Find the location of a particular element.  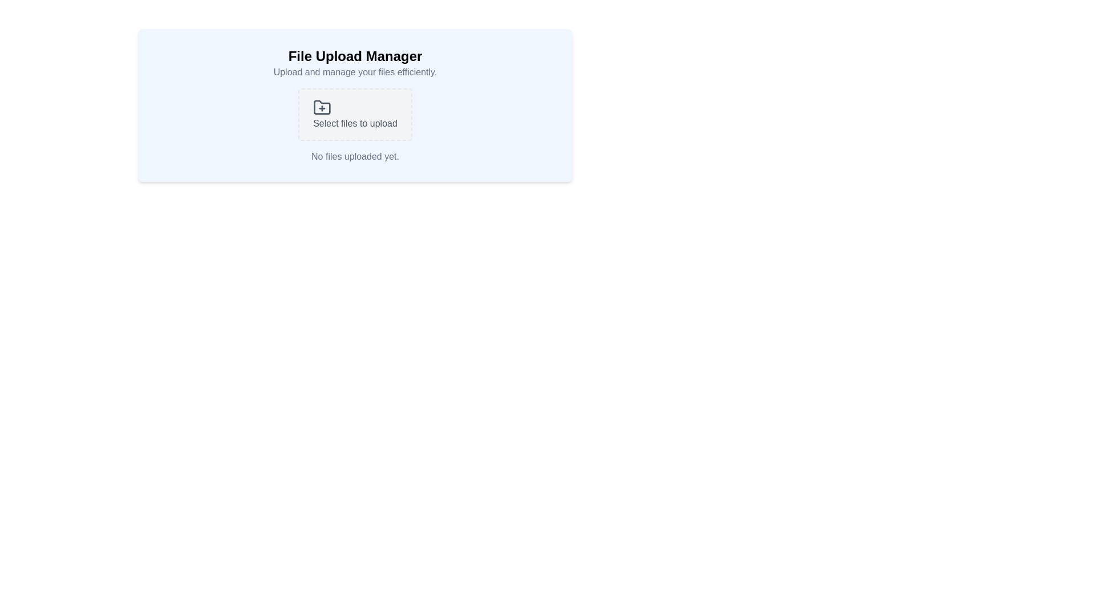

the static text label that provides a brief description about the functionality of the application, located directly below the 'File Upload Manager' heading is located at coordinates (355, 72).